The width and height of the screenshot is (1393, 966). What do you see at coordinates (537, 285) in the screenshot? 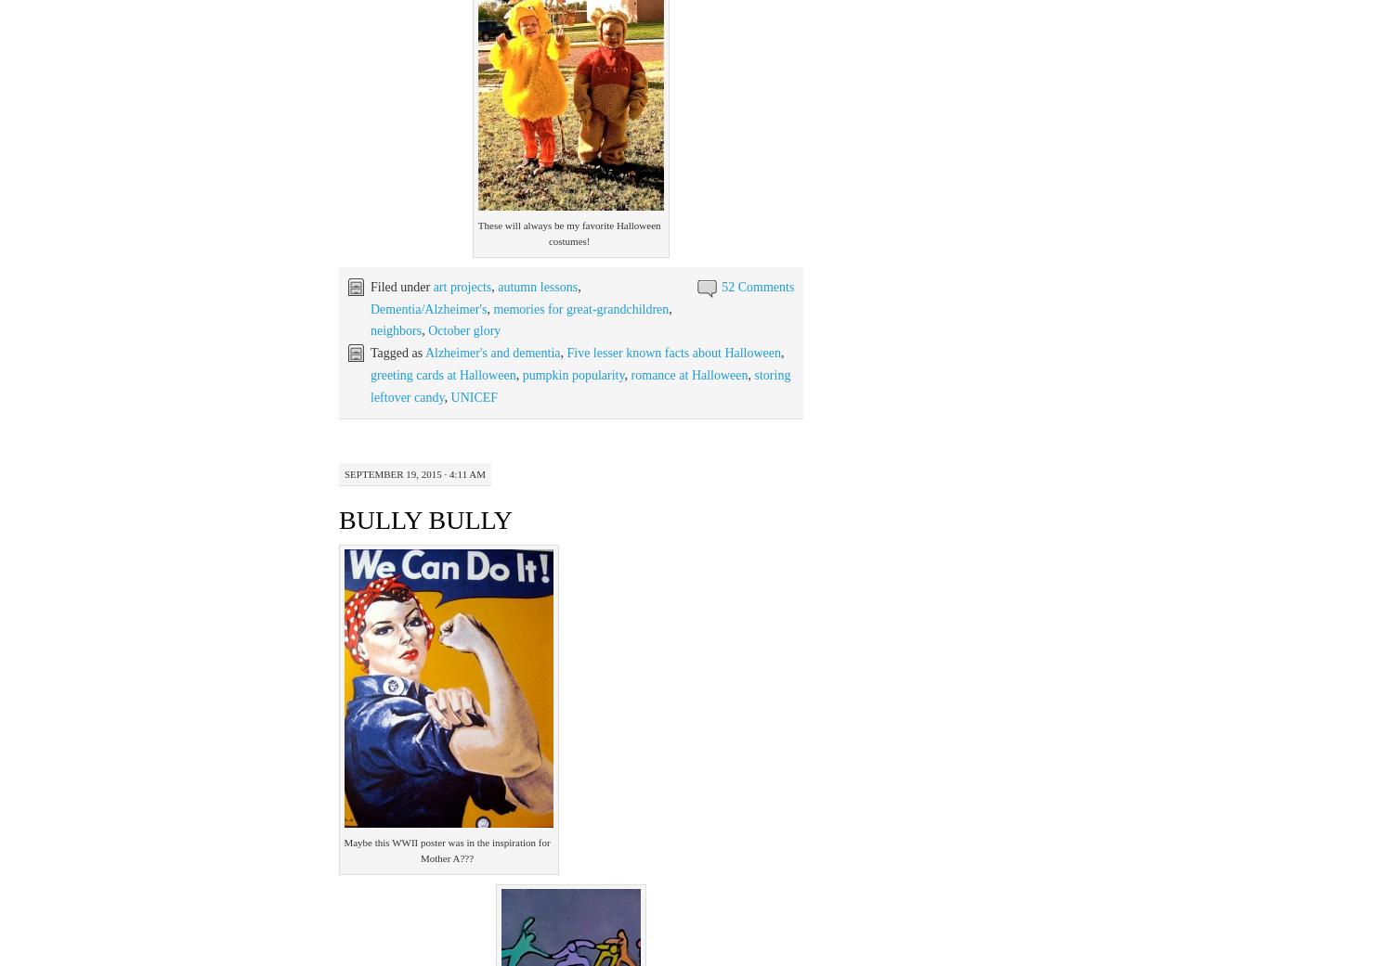
I see `'autumn lessons'` at bounding box center [537, 285].